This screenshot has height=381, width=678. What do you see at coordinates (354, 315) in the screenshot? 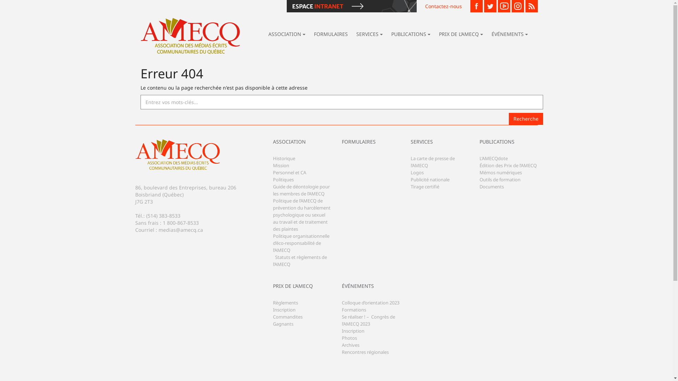
I see `'Formations'` at bounding box center [354, 315].